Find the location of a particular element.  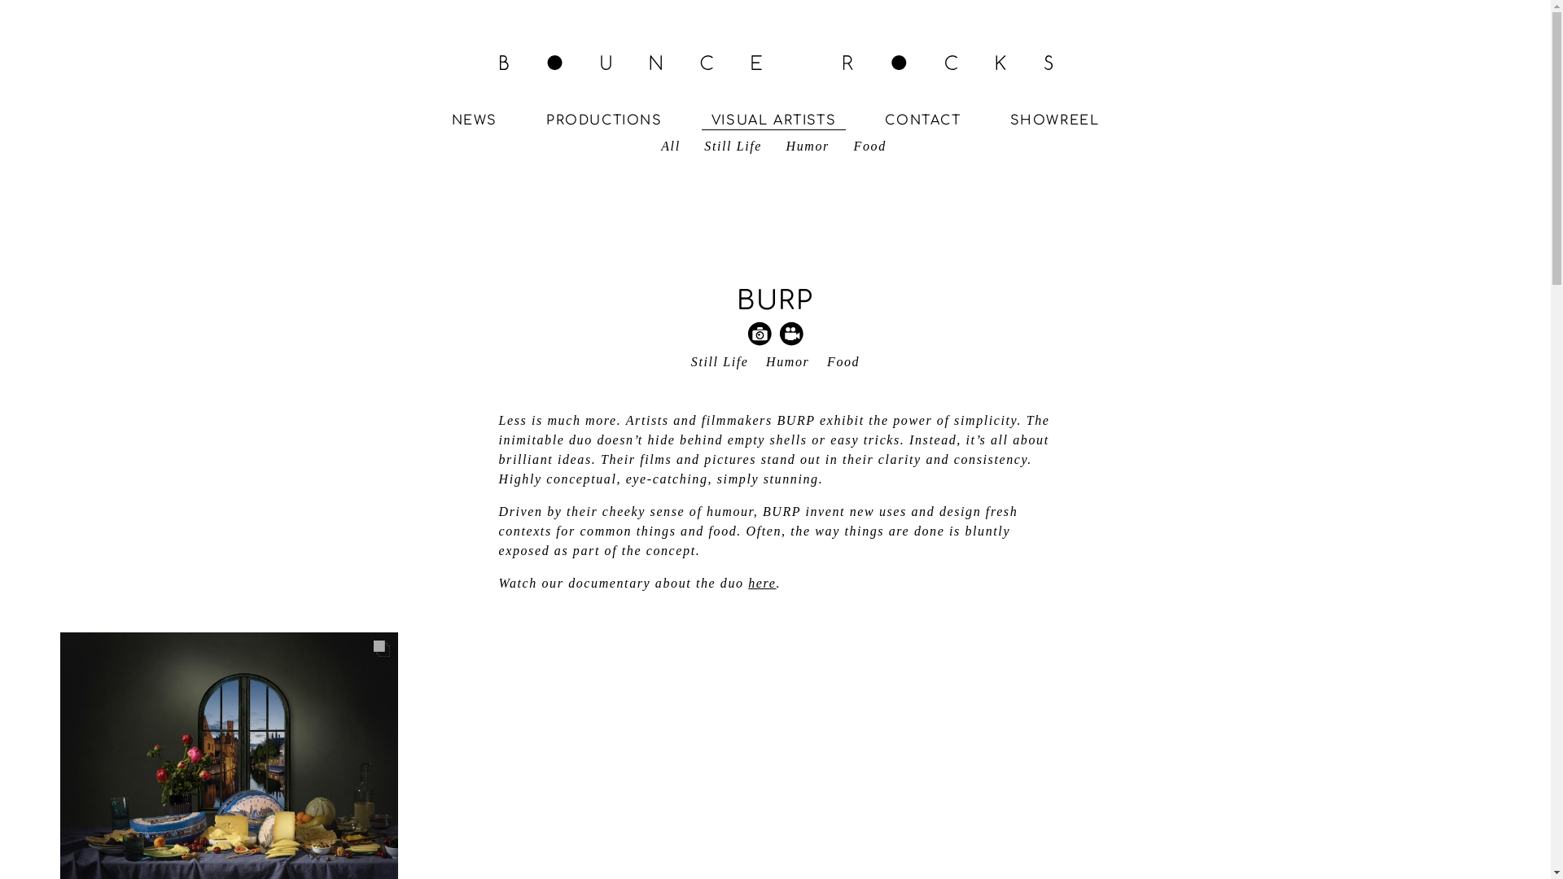

'Humor' is located at coordinates (787, 361).